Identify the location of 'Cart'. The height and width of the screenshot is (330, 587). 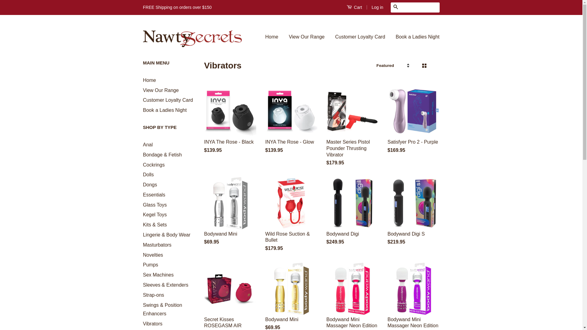
(346, 7).